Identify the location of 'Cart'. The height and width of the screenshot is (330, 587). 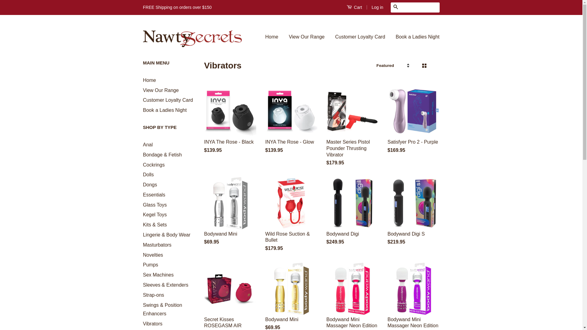
(346, 7).